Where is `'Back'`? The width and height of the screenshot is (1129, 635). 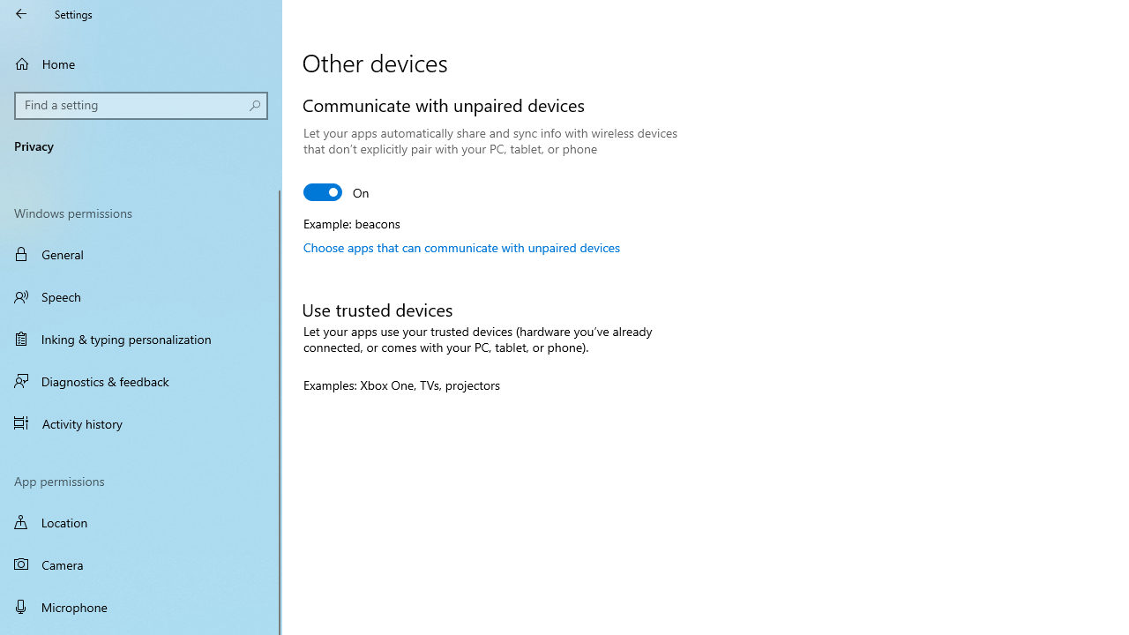
'Back' is located at coordinates (21, 13).